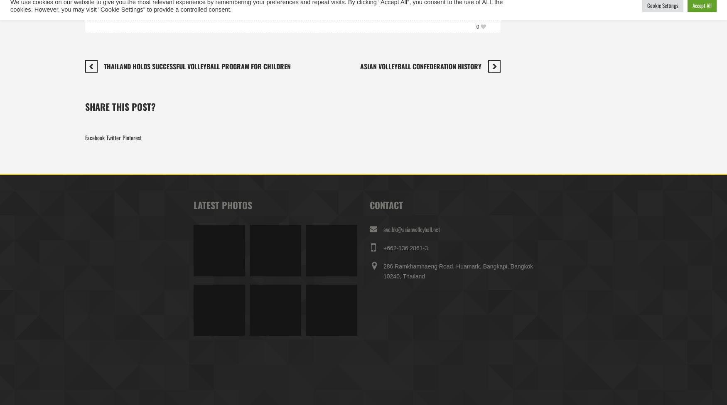 The image size is (727, 405). Describe the element at coordinates (383, 248) in the screenshot. I see `'+662-136 2861-3'` at that location.